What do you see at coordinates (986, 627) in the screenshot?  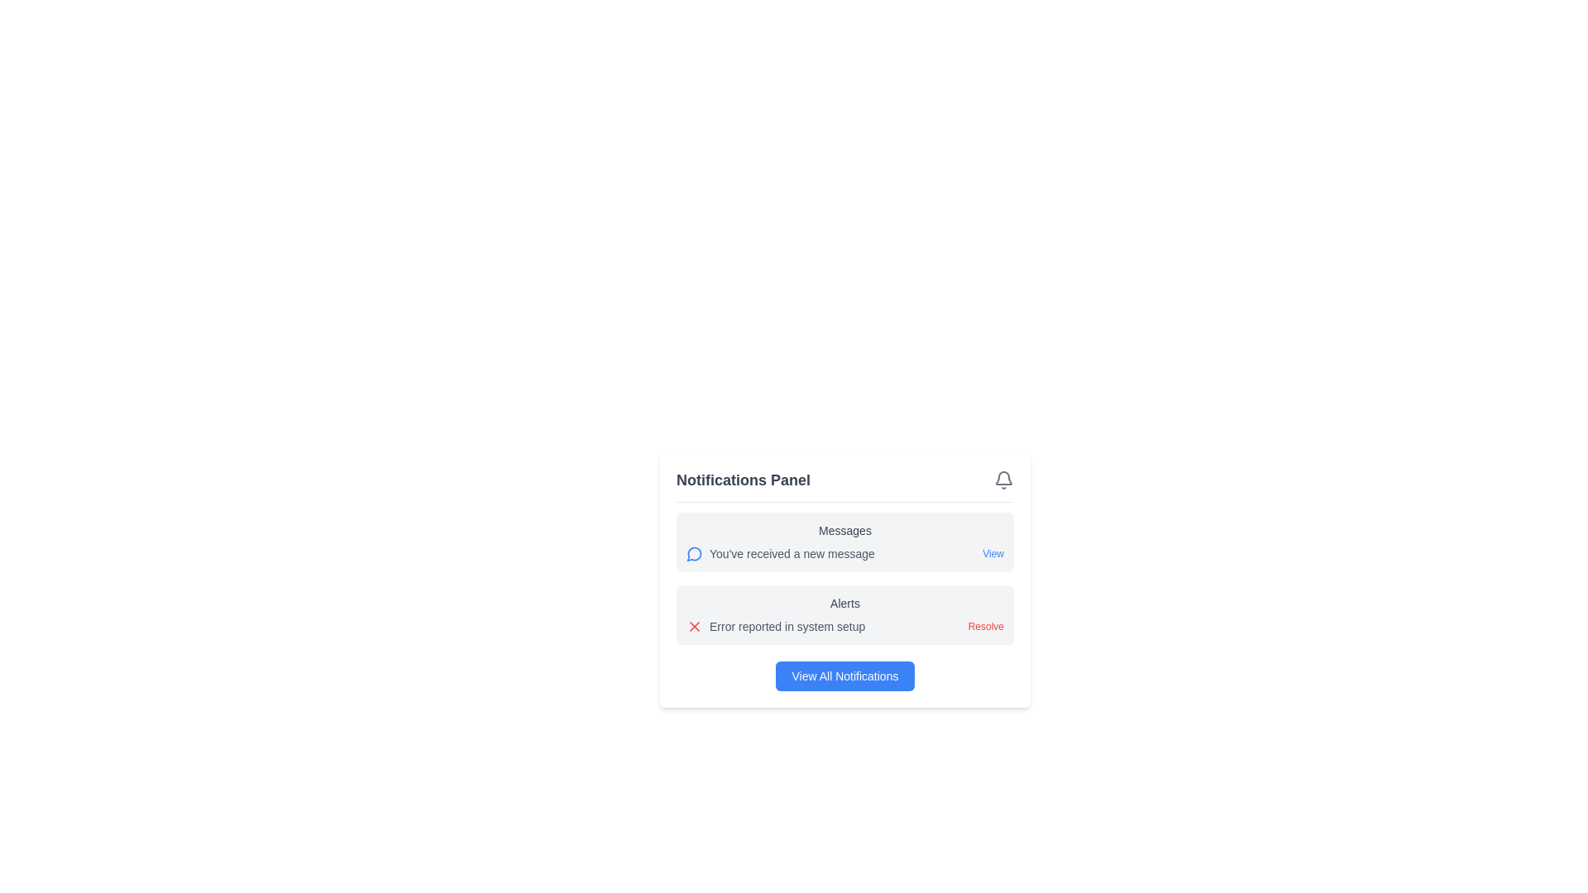 I see `the red 'Resolve' button located in the 'Alerts' section to initiate resolution` at bounding box center [986, 627].